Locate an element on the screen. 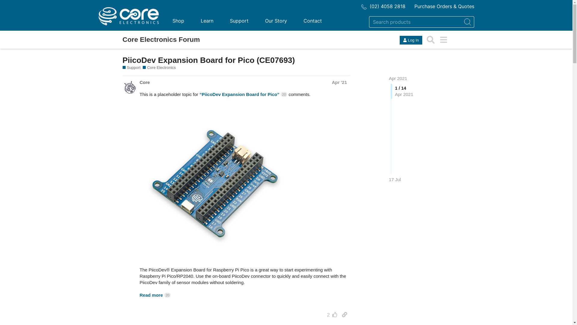  'Core' is located at coordinates (139, 82).